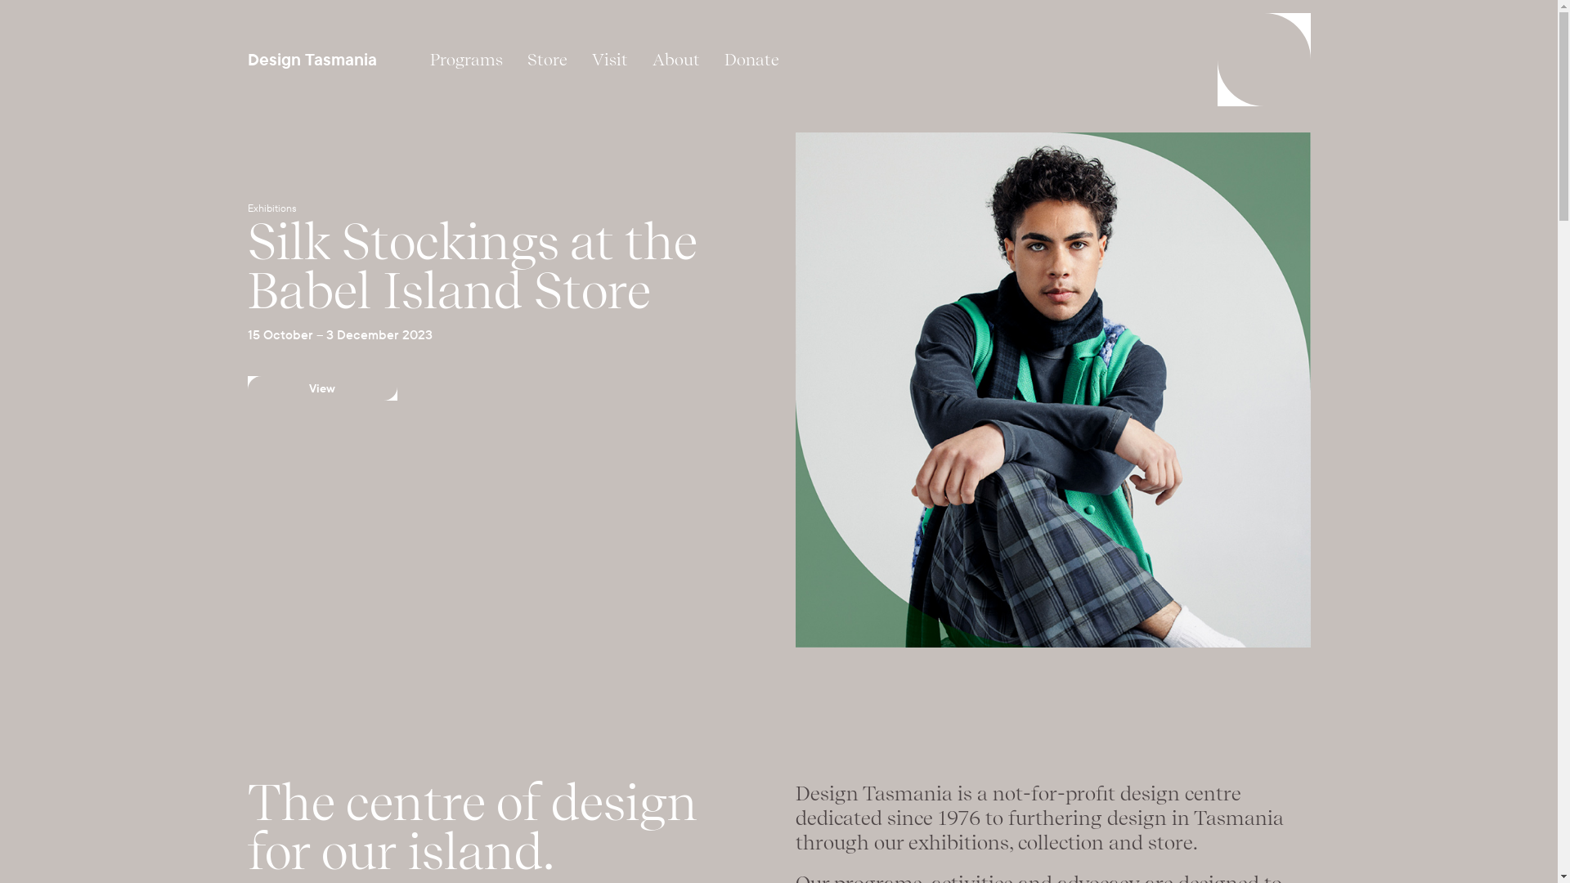 The image size is (1570, 883). I want to click on 'Design Tasmania', so click(312, 59).